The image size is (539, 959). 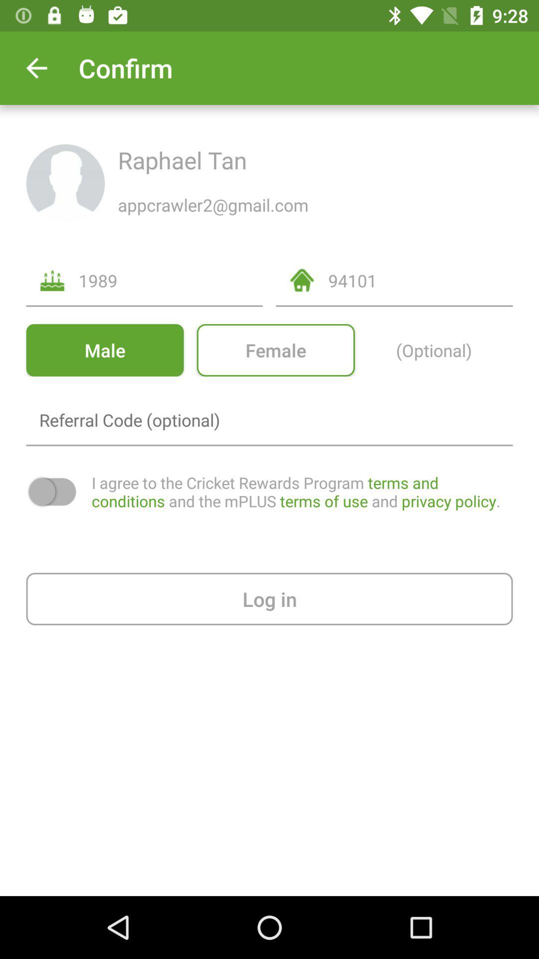 What do you see at coordinates (170, 280) in the screenshot?
I see `item above male icon` at bounding box center [170, 280].